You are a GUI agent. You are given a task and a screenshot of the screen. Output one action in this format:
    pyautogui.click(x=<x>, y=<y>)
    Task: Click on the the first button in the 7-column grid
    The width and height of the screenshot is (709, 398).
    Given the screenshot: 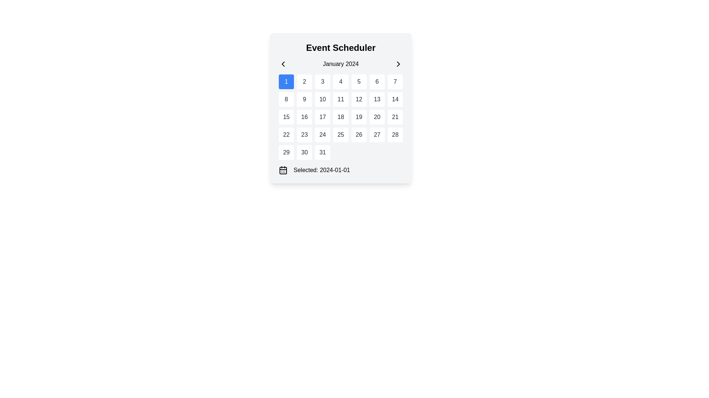 What is the action you would take?
    pyautogui.click(x=286, y=82)
    